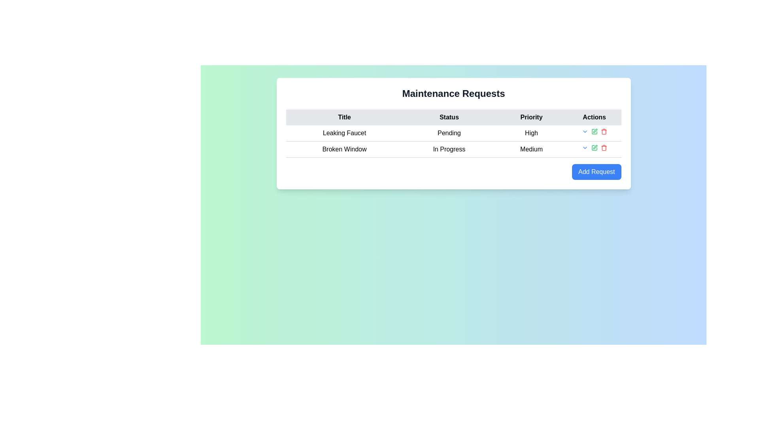 The height and width of the screenshot is (427, 759). Describe the element at coordinates (594, 131) in the screenshot. I see `the base square outline of the 'Edit' icon in the 'Actions' column of the 'Maintenance Requests' table, next to the 'High' priority row for the 'Leaking Faucet' entry` at that location.